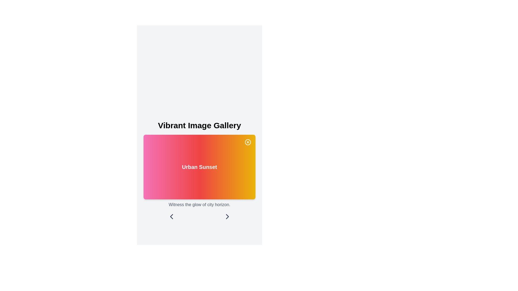 This screenshot has height=291, width=518. Describe the element at coordinates (247, 142) in the screenshot. I see `the close icon button located at the top-right corner of the 'Urban Sunset' card` at that location.